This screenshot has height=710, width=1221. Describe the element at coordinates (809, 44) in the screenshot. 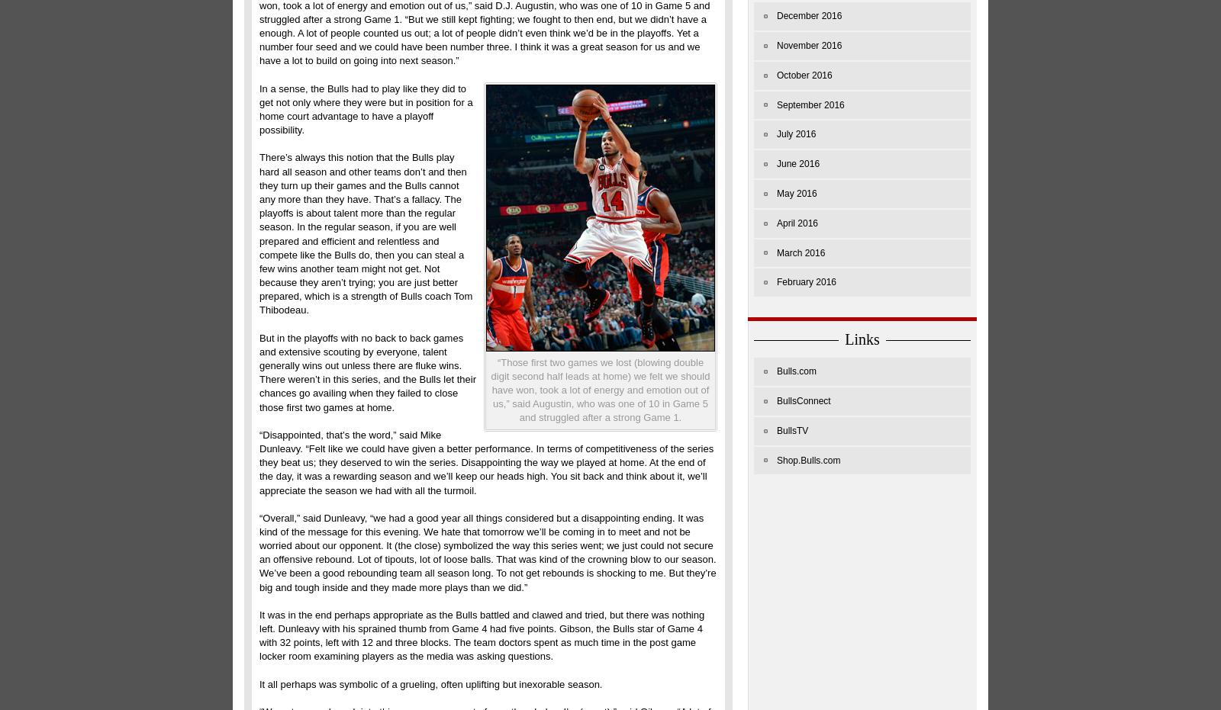

I see `'November 2016'` at that location.